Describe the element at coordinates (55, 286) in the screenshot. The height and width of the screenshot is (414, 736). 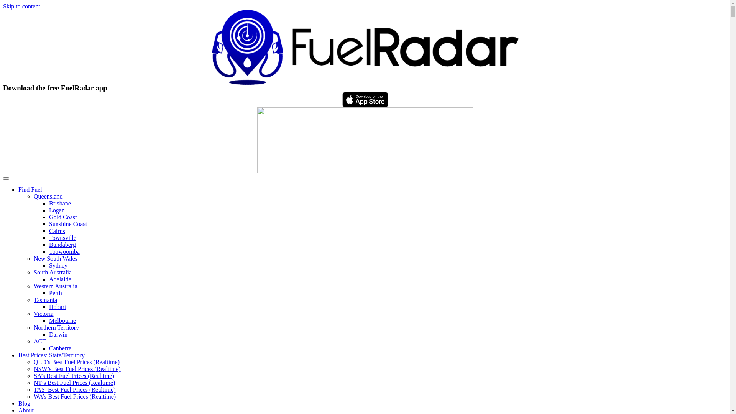
I see `'Western Australia'` at that location.